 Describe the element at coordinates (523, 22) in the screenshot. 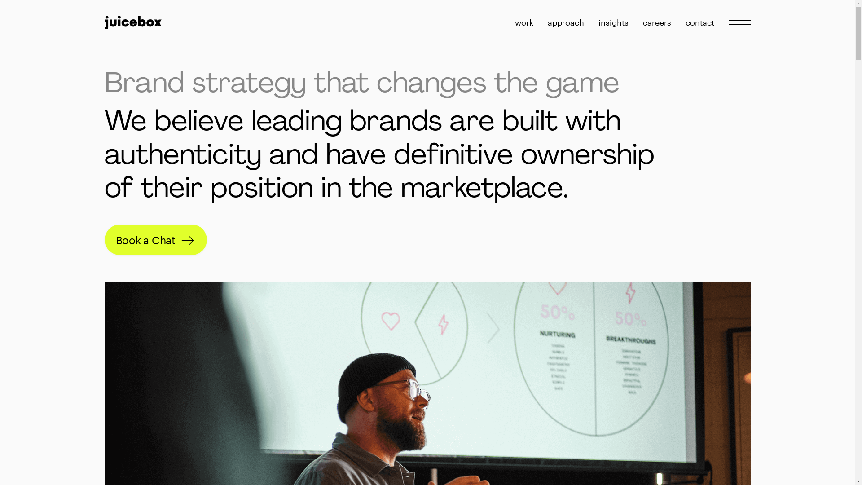

I see `'work'` at that location.